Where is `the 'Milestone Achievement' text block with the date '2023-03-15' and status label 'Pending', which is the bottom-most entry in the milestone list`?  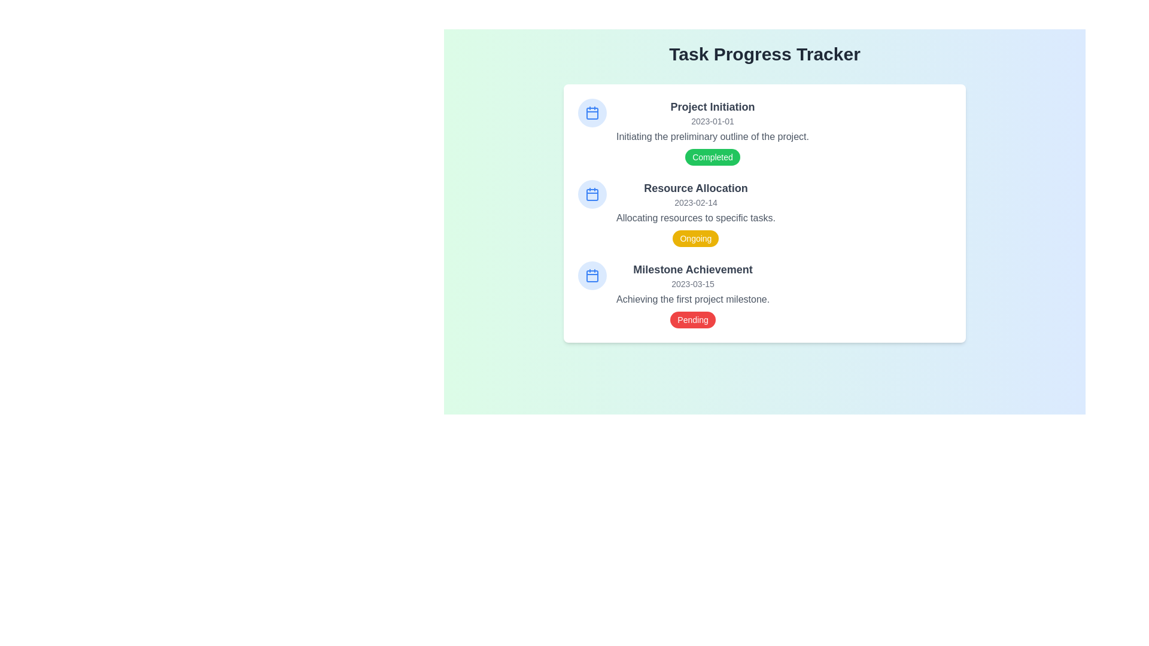 the 'Milestone Achievement' text block with the date '2023-03-15' and status label 'Pending', which is the bottom-most entry in the milestone list is located at coordinates (693, 295).